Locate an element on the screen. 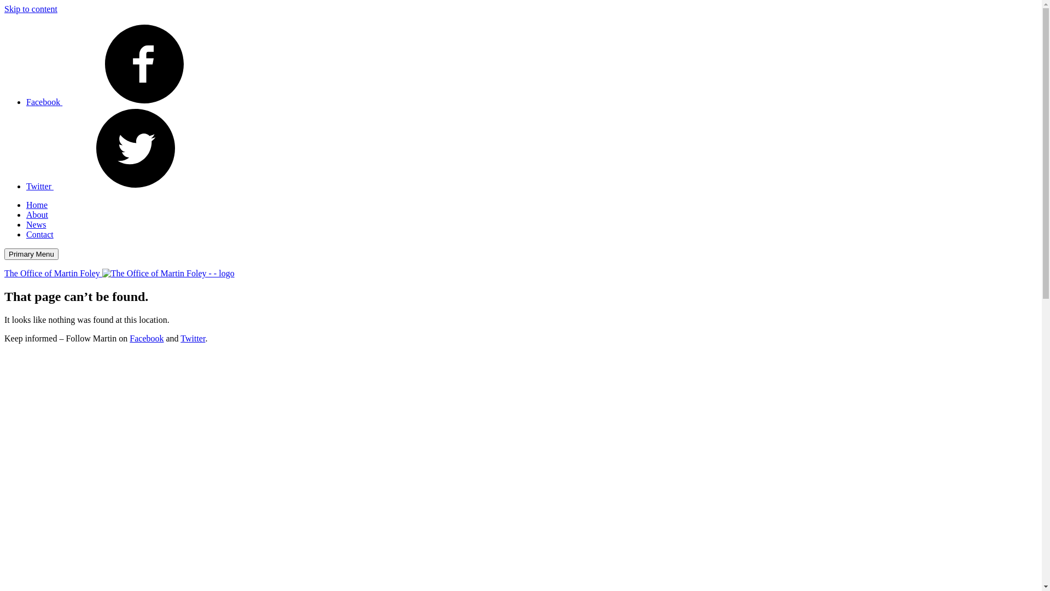 This screenshot has width=1050, height=591. 'Twitter' is located at coordinates (26, 186).